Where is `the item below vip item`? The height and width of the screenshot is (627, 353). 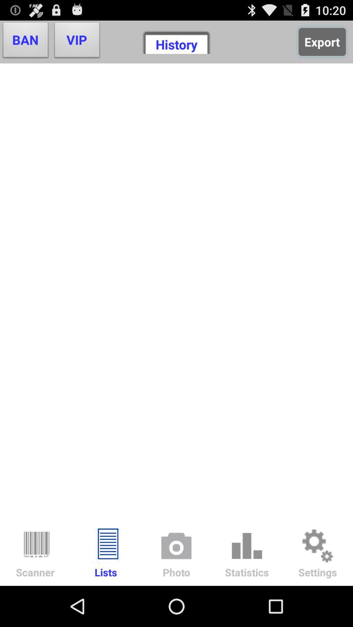
the item below vip item is located at coordinates (176, 291).